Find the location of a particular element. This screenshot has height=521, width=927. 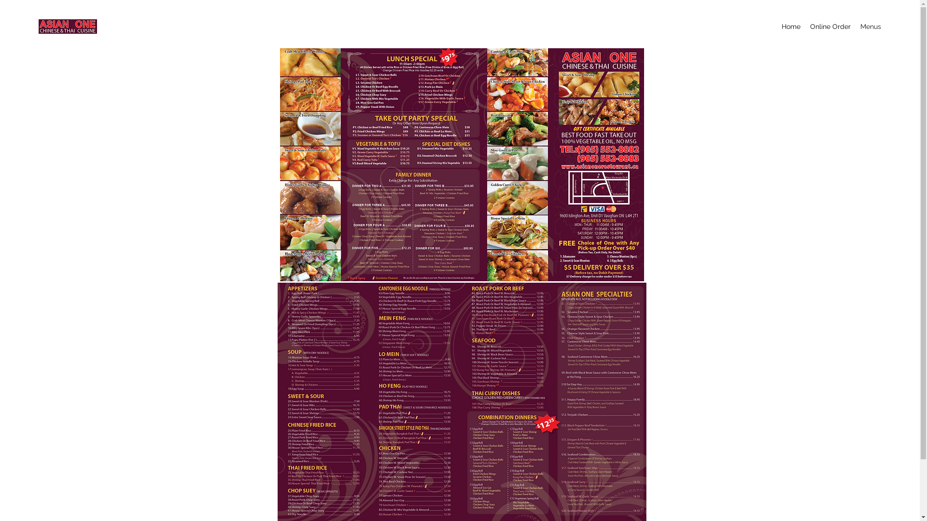

'Screen Shot 2022-06-26 at 1.35.12 PM.png' is located at coordinates (280, 163).